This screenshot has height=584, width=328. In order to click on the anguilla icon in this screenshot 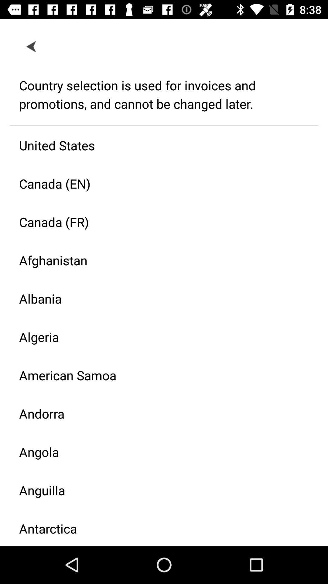, I will do `click(159, 490)`.